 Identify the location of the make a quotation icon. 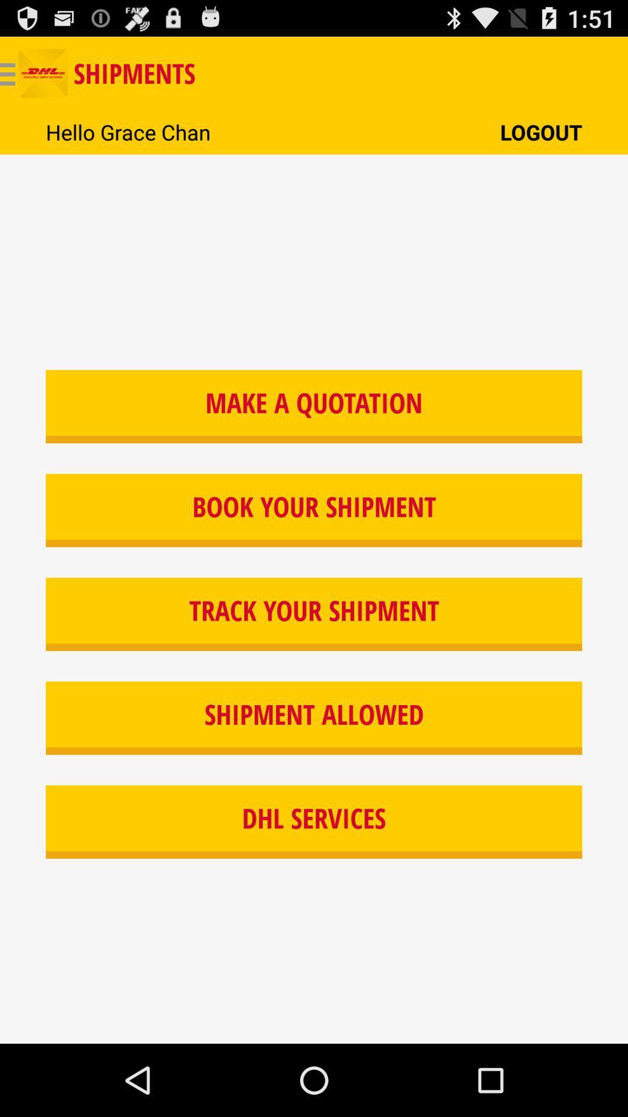
(314, 407).